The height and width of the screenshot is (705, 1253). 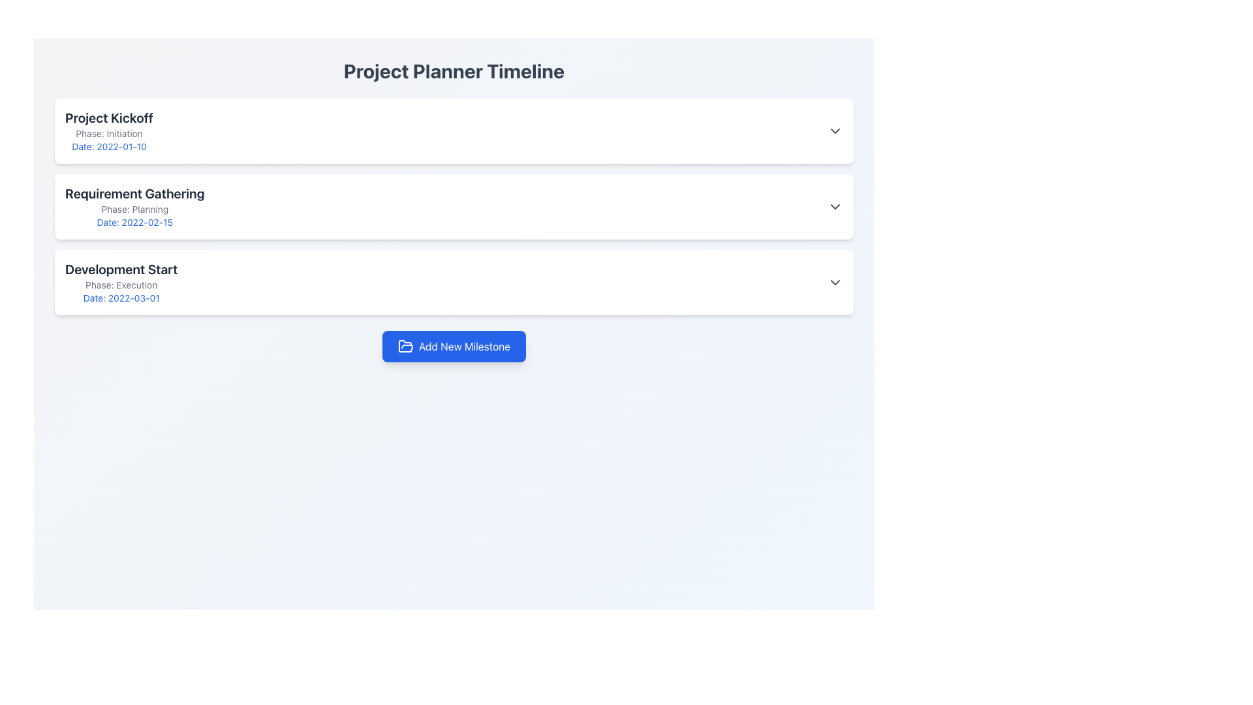 What do you see at coordinates (109, 133) in the screenshot?
I see `the text label displaying 'Phase: Initiation', which is located under the bold section title 'Project Kickoff'` at bounding box center [109, 133].